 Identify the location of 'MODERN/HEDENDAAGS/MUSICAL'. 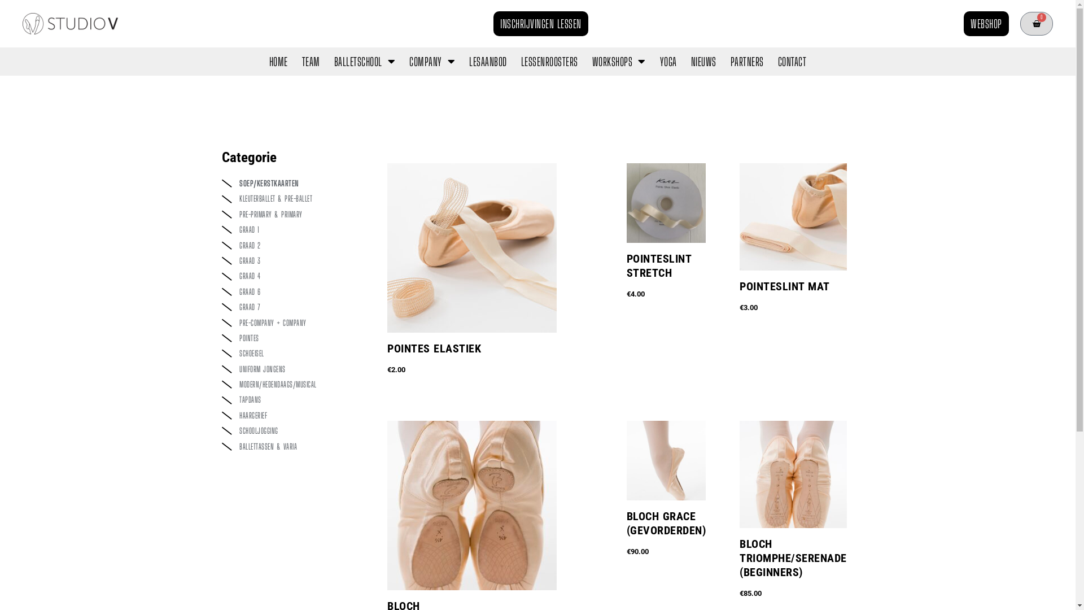
(292, 384).